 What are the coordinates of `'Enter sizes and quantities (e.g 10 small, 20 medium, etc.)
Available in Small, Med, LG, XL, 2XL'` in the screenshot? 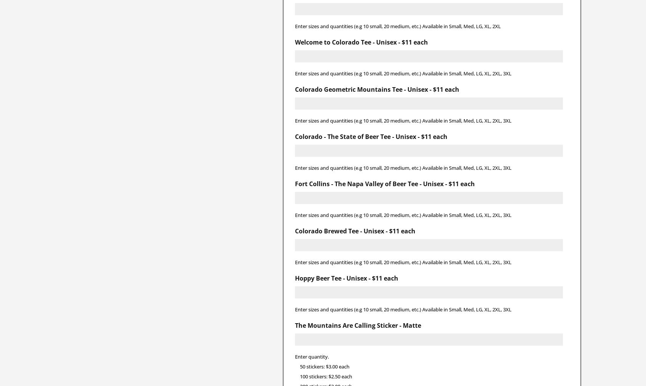 It's located at (397, 26).